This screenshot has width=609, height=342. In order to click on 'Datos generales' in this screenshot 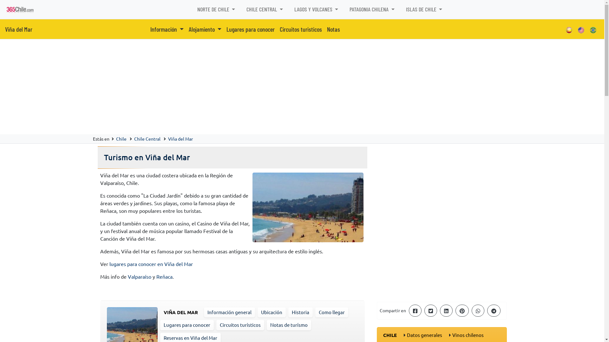, I will do `click(424, 334)`.